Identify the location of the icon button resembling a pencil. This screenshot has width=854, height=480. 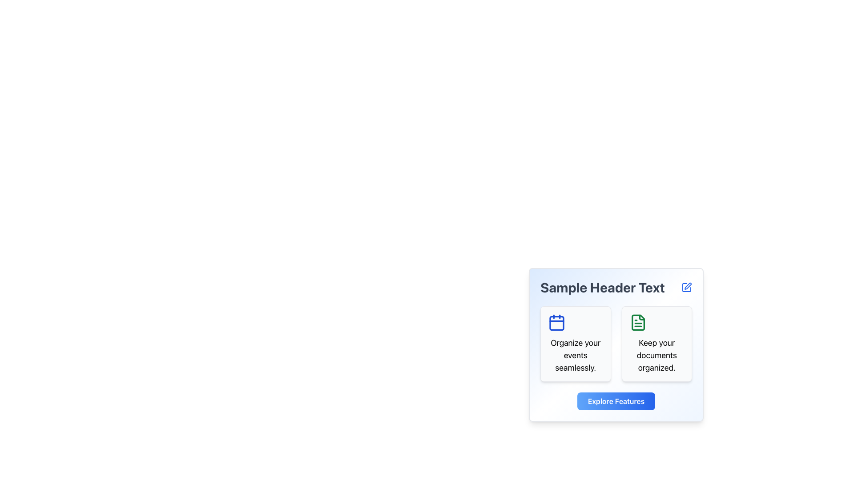
(686, 288).